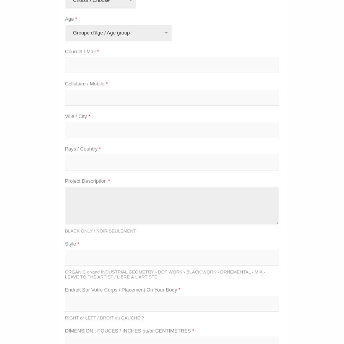  What do you see at coordinates (100, 230) in the screenshot?
I see `'BLACK ONLY / NOIR SEULEMENT'` at bounding box center [100, 230].